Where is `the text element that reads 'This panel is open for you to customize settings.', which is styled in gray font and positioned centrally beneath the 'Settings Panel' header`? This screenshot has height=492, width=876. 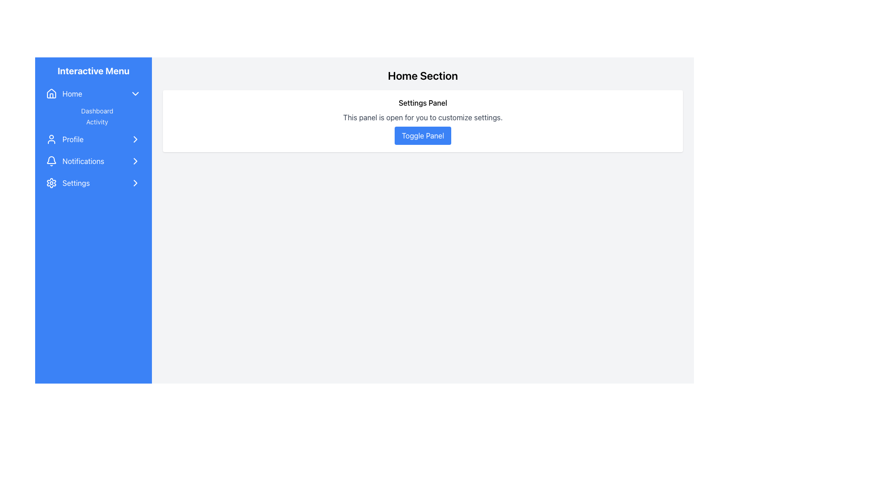 the text element that reads 'This panel is open for you to customize settings.', which is styled in gray font and positioned centrally beneath the 'Settings Panel' header is located at coordinates (422, 117).